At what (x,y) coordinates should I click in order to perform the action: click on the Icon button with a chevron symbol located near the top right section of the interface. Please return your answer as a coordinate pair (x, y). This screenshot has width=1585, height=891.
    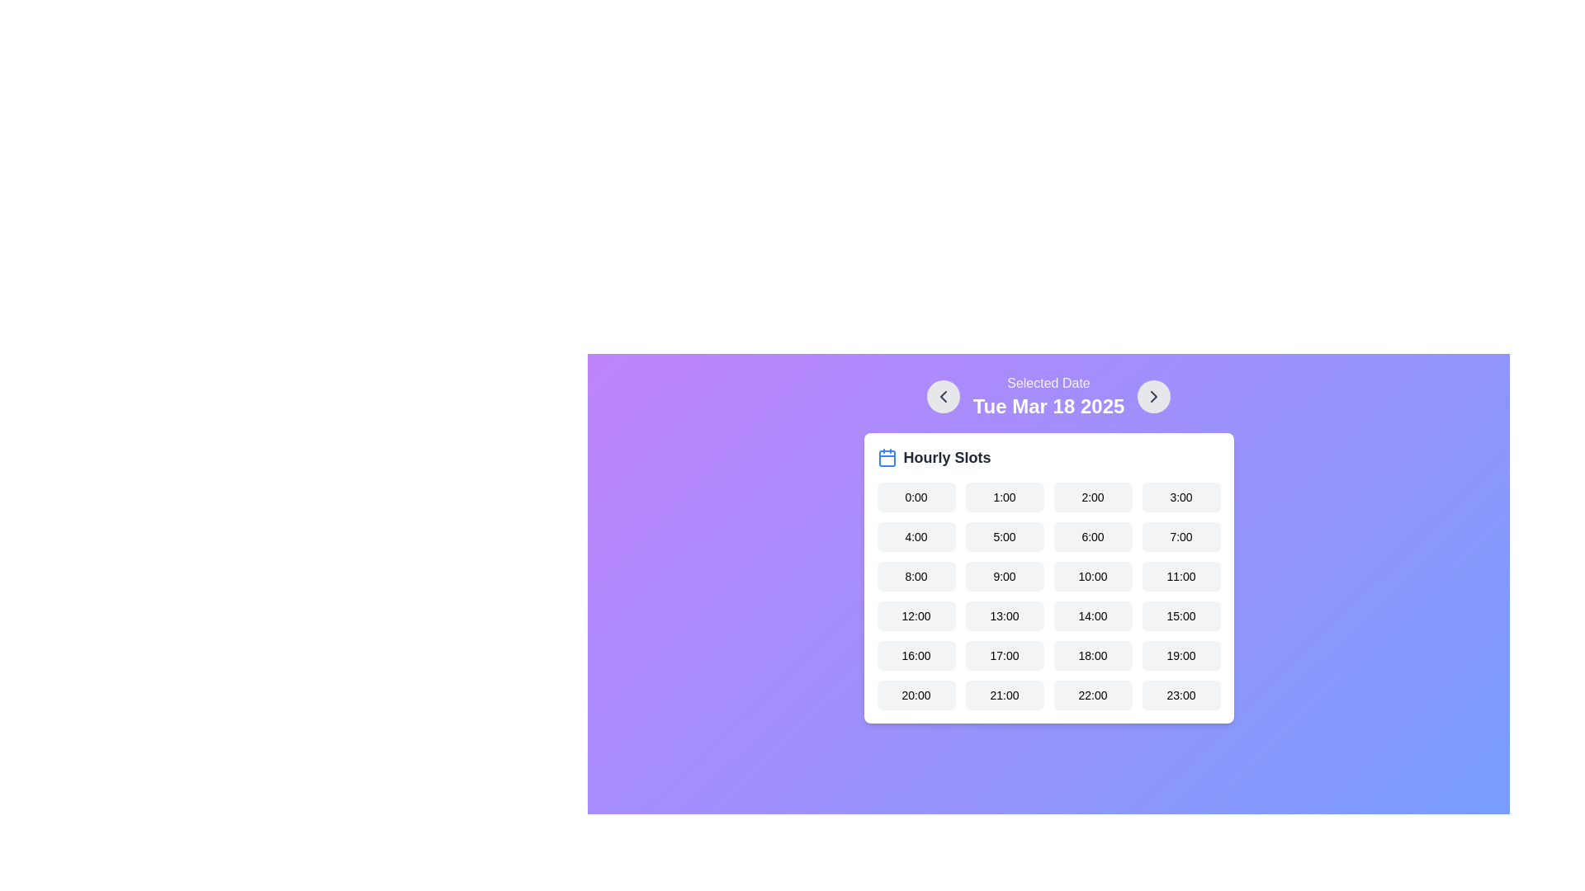
    Looking at the image, I should click on (1152, 397).